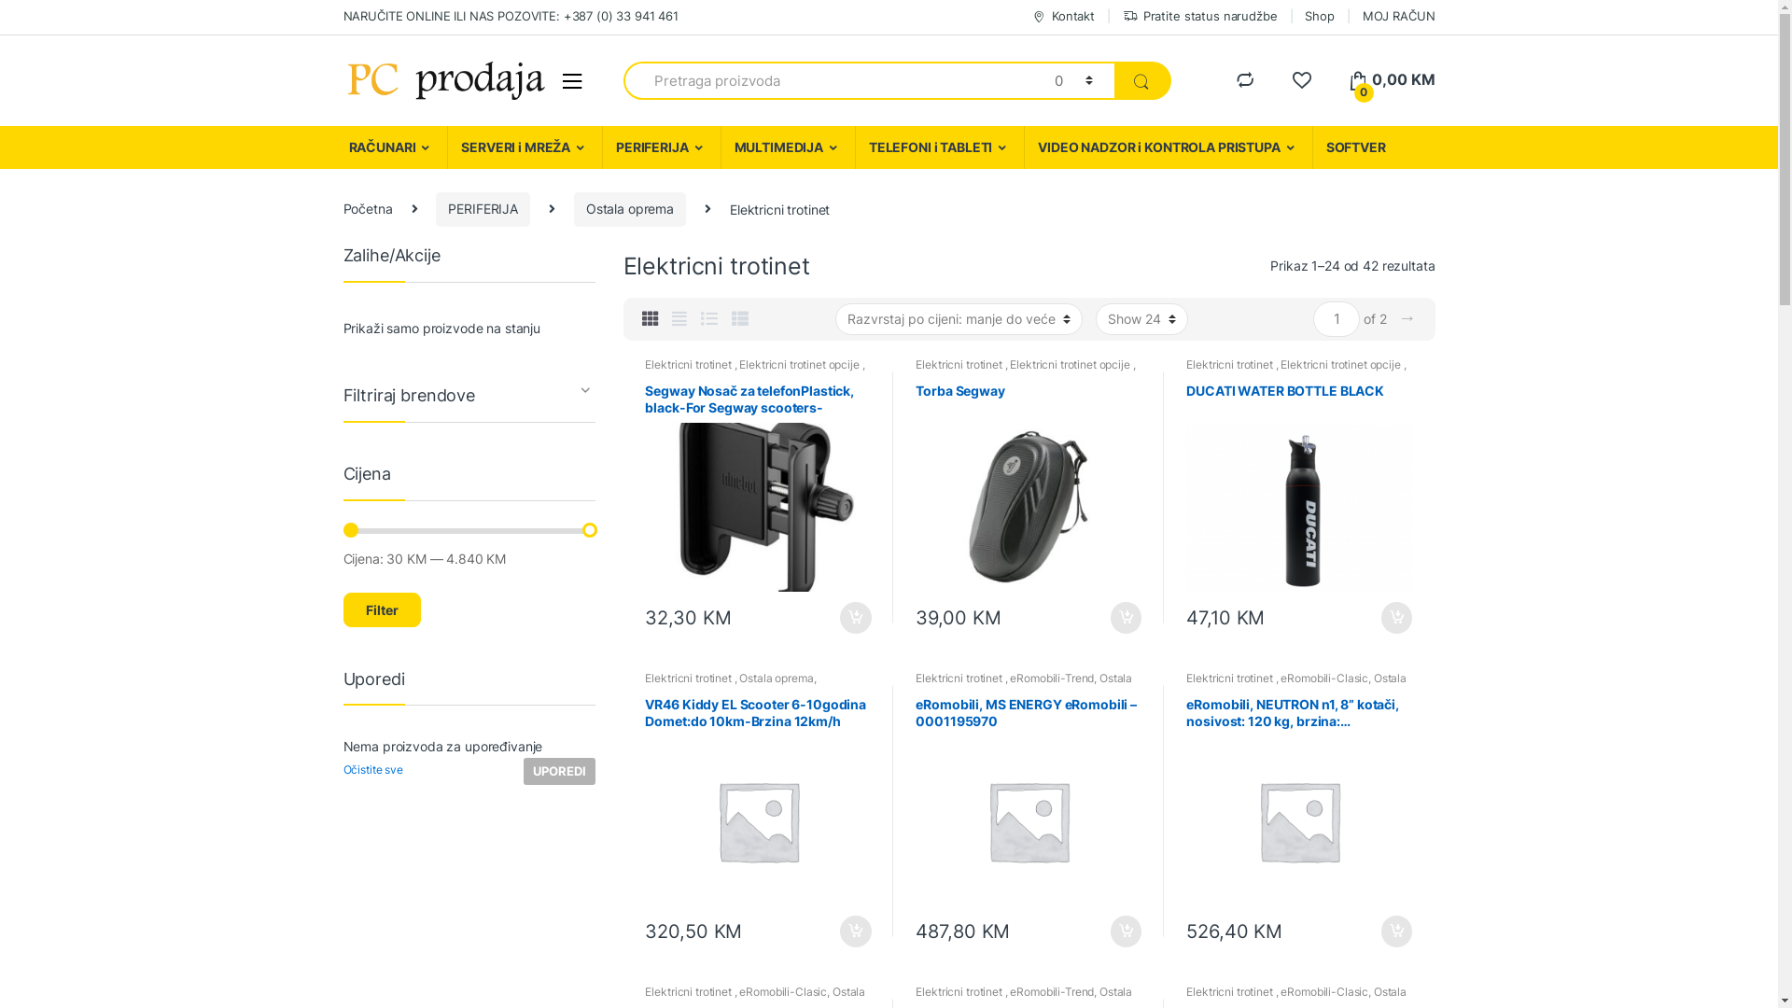 Image resolution: width=1792 pixels, height=1008 pixels. Describe the element at coordinates (1392, 78) in the screenshot. I see `'0` at that location.